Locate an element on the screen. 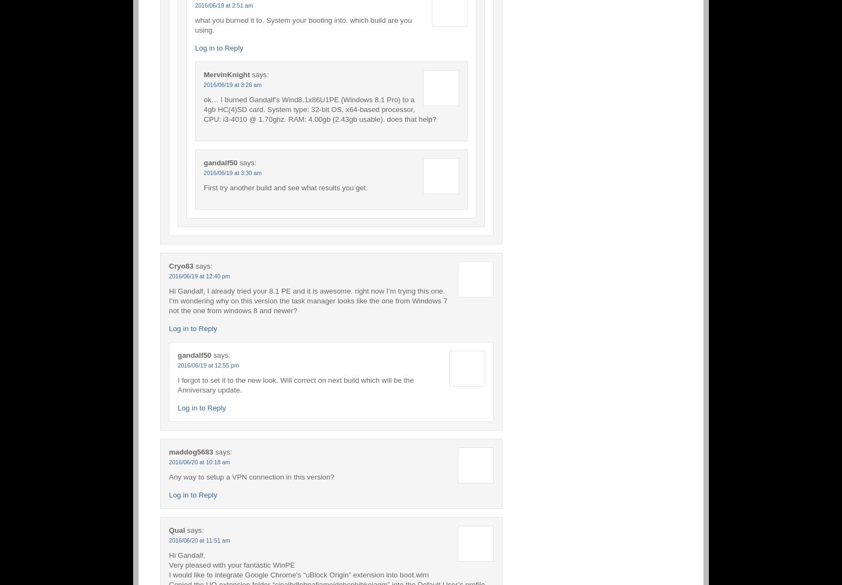 This screenshot has width=842, height=585. '2016/06/19 at 12:40 pm' is located at coordinates (168, 276).